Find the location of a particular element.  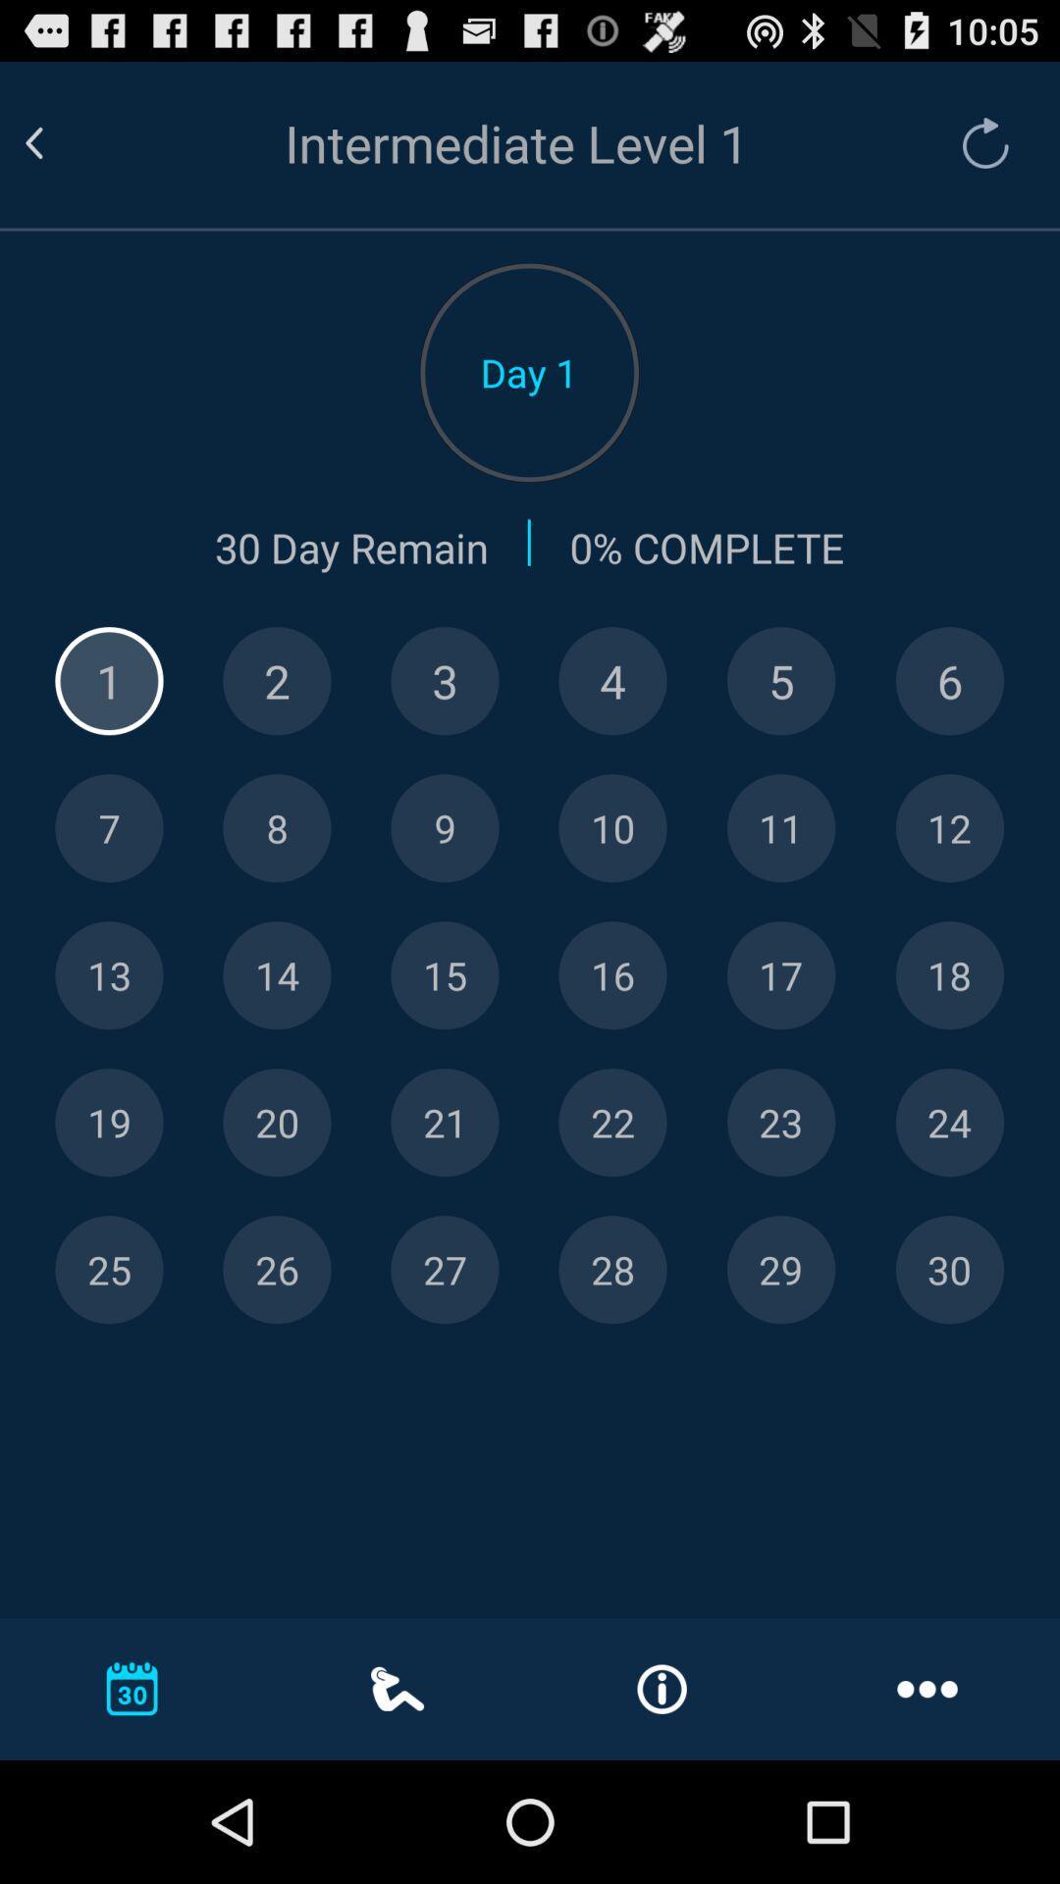

day 2 is located at coordinates (277, 681).